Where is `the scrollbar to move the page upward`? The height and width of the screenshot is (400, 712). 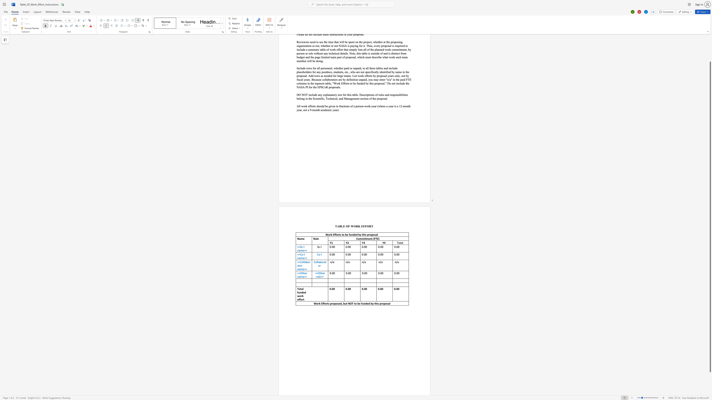 the scrollbar to move the page upward is located at coordinates (710, 43).